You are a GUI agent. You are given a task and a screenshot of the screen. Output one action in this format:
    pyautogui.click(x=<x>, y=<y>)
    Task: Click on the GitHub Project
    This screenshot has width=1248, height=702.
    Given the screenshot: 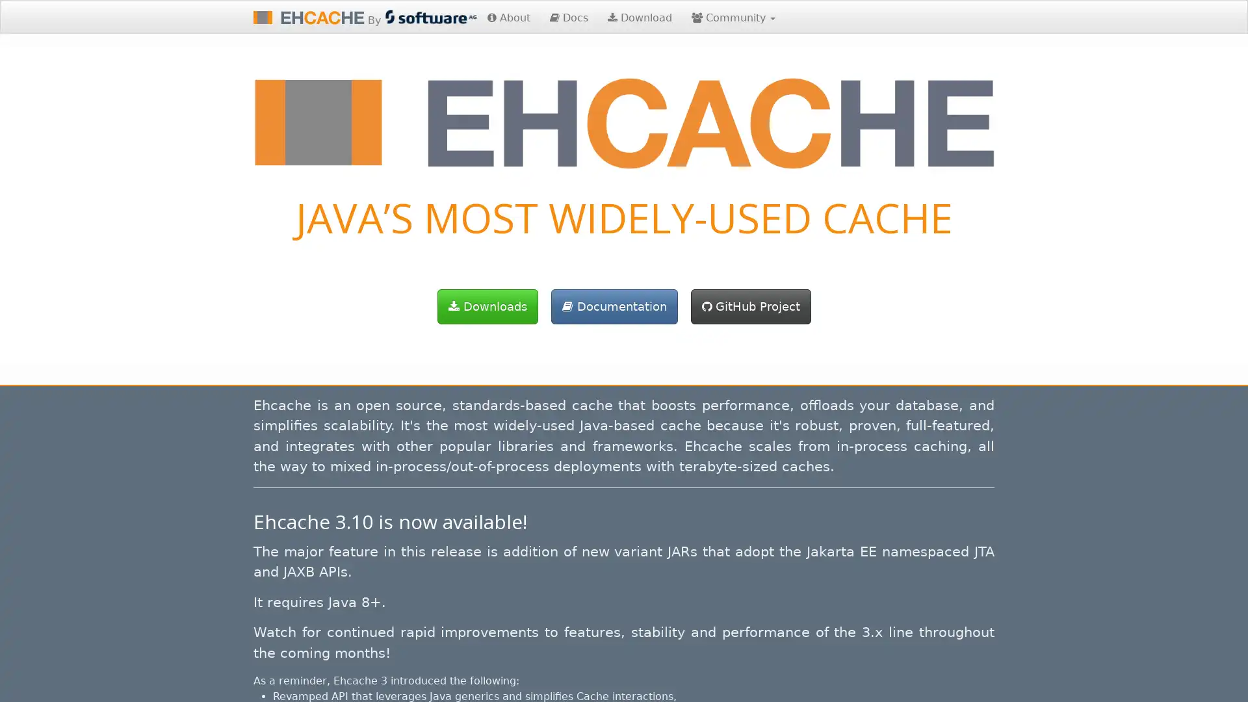 What is the action you would take?
    pyautogui.click(x=750, y=305)
    